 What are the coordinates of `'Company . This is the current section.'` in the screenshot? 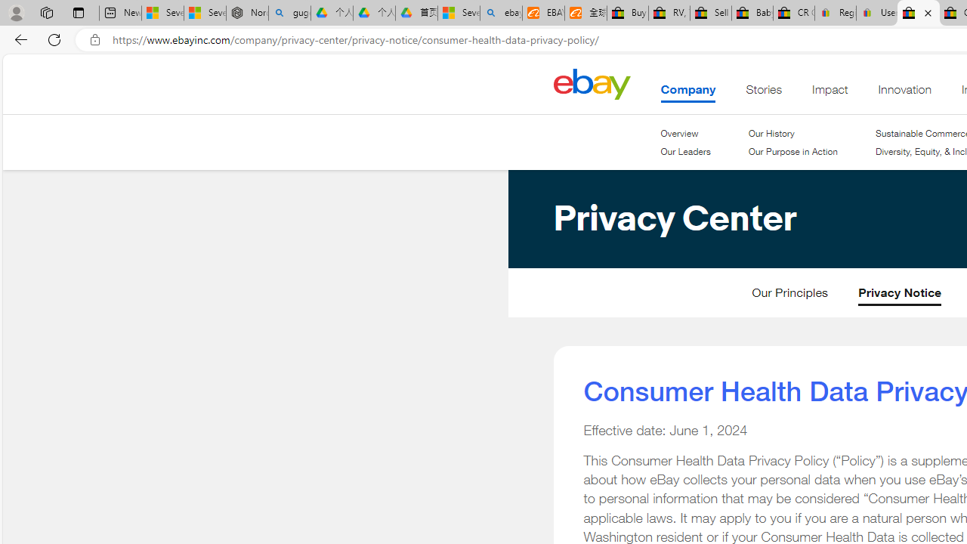 It's located at (687, 93).